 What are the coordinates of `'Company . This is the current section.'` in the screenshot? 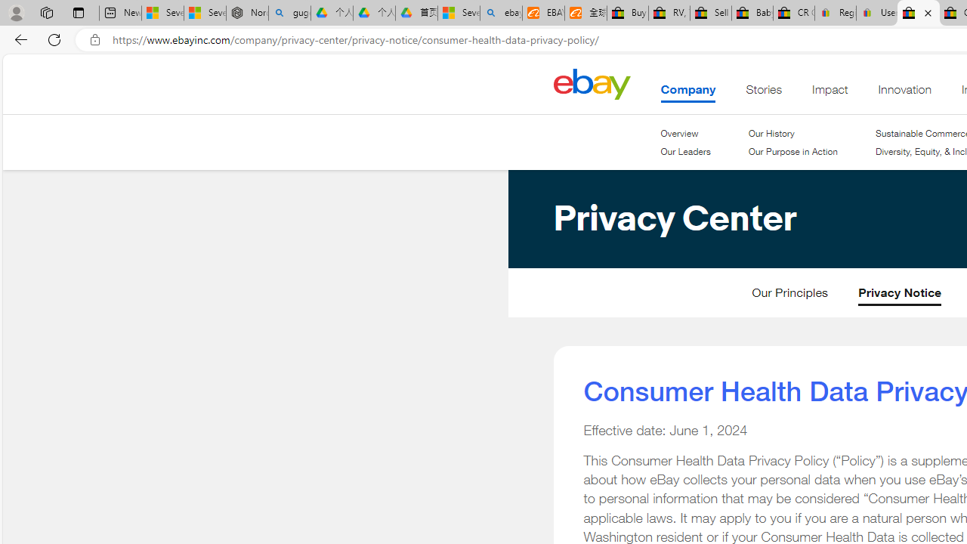 It's located at (687, 93).